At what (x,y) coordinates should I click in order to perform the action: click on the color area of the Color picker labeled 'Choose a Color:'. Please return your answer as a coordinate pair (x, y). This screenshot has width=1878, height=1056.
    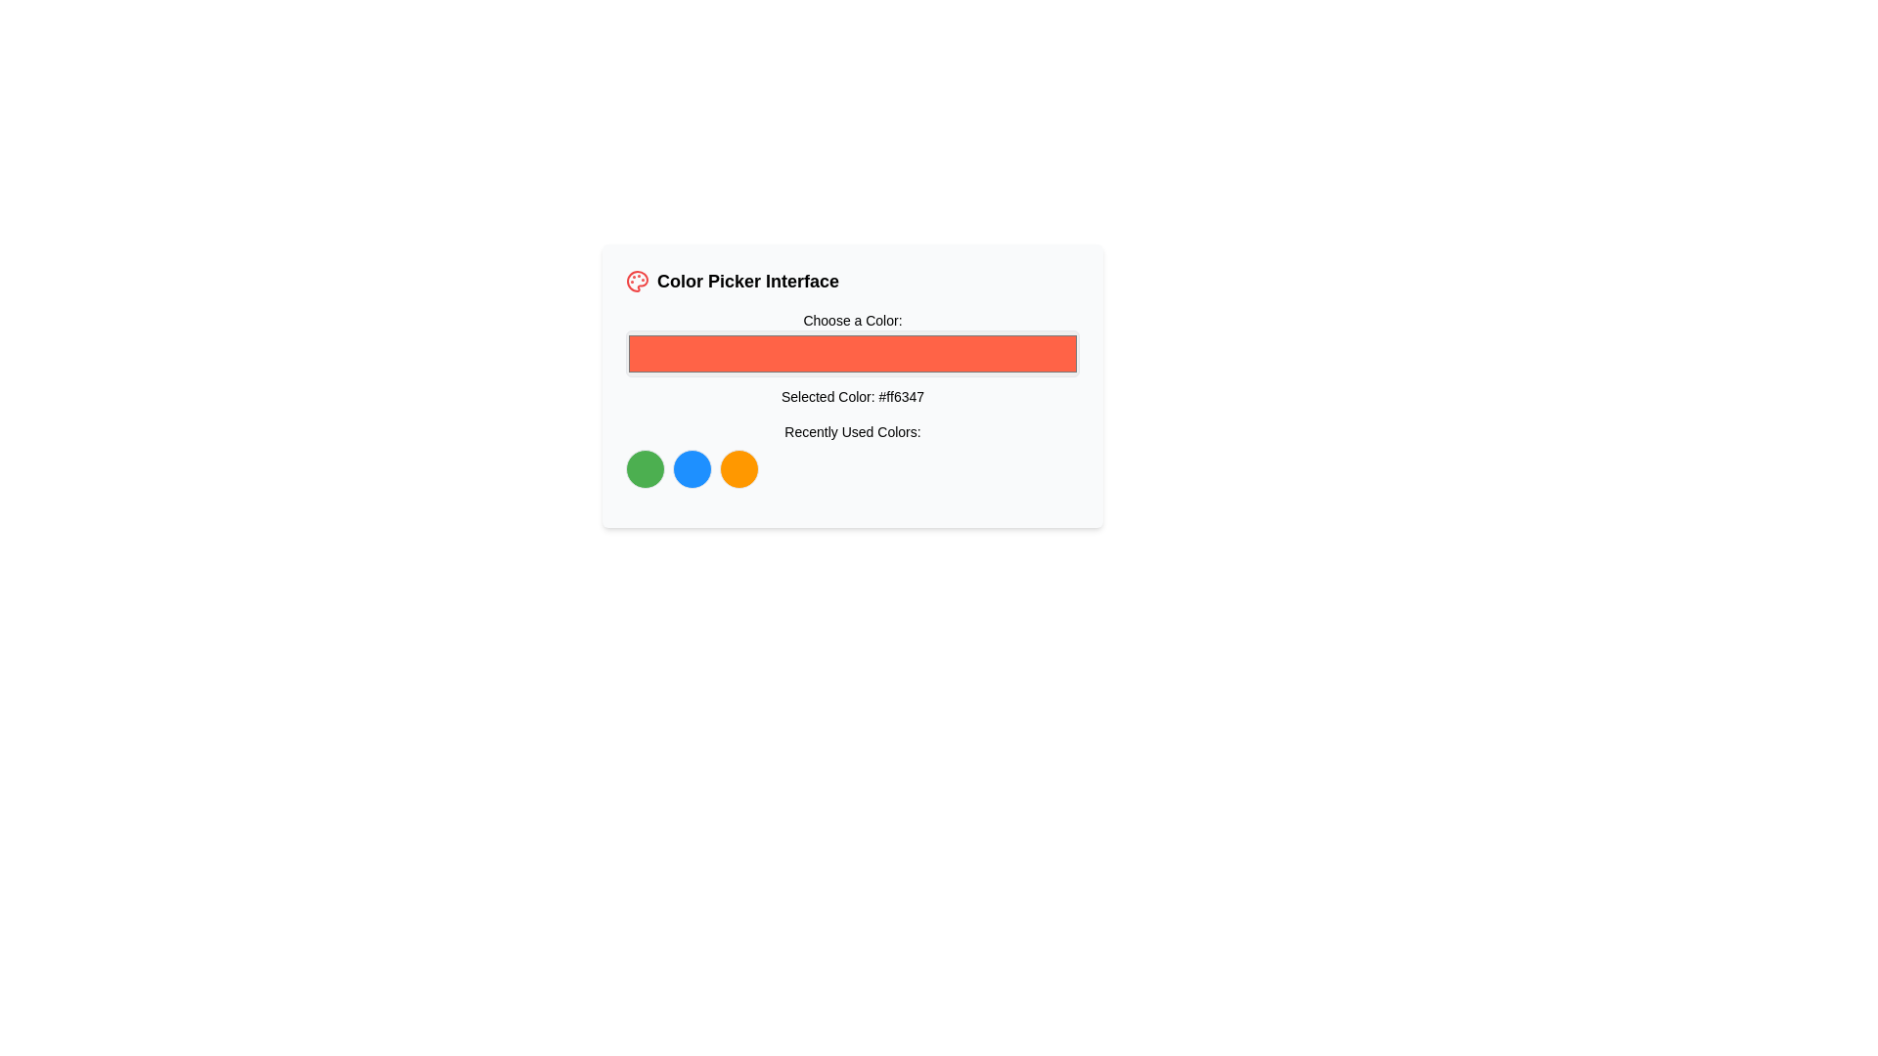
    Looking at the image, I should click on (853, 358).